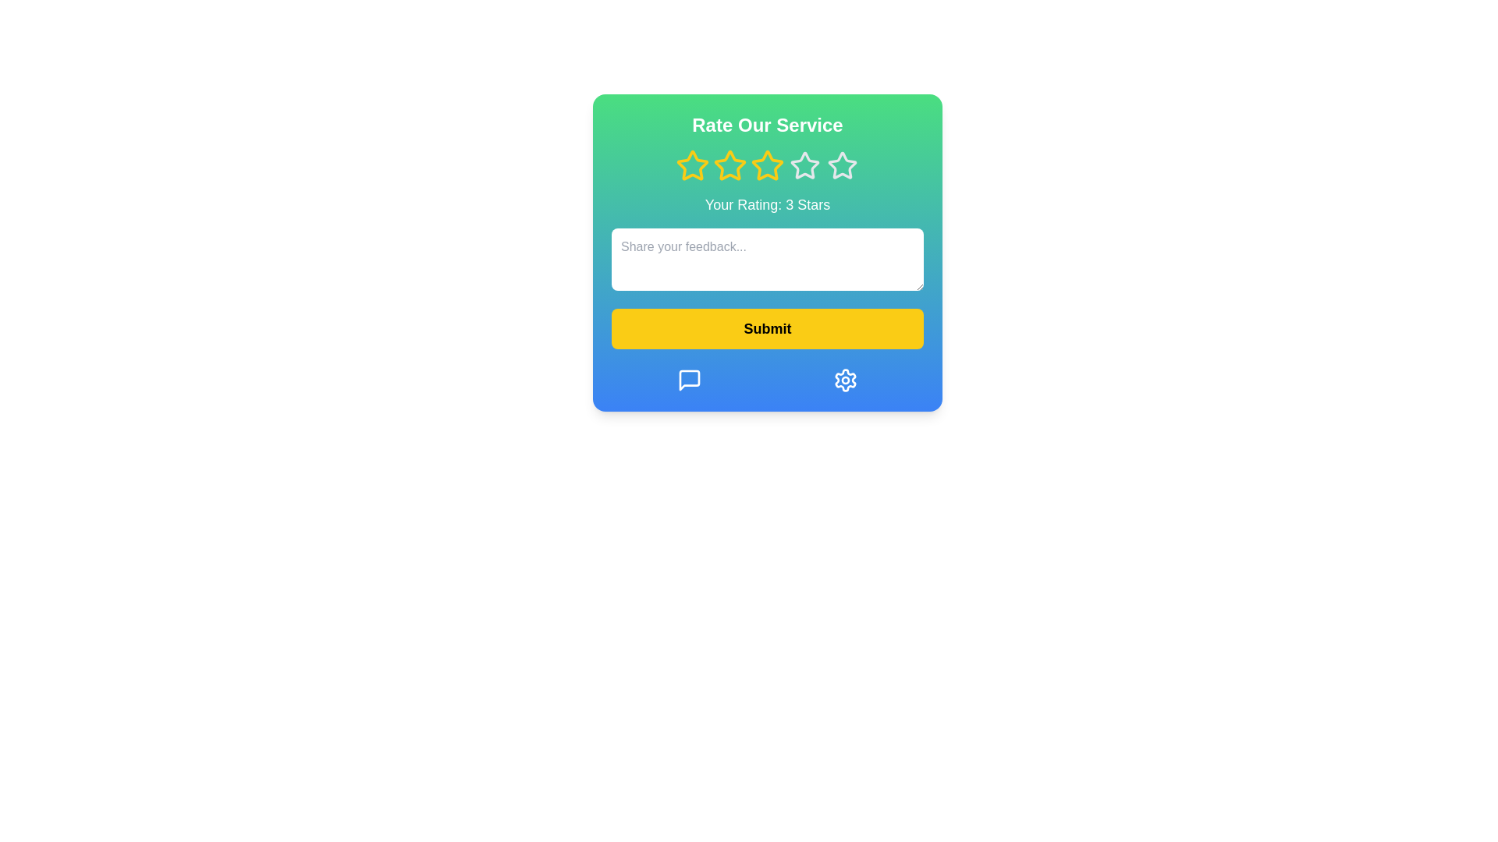  I want to click on the existing text in the rectangular text input box with the placeholder 'Share your feedback...' located beneath the star rating system, so click(767, 258).